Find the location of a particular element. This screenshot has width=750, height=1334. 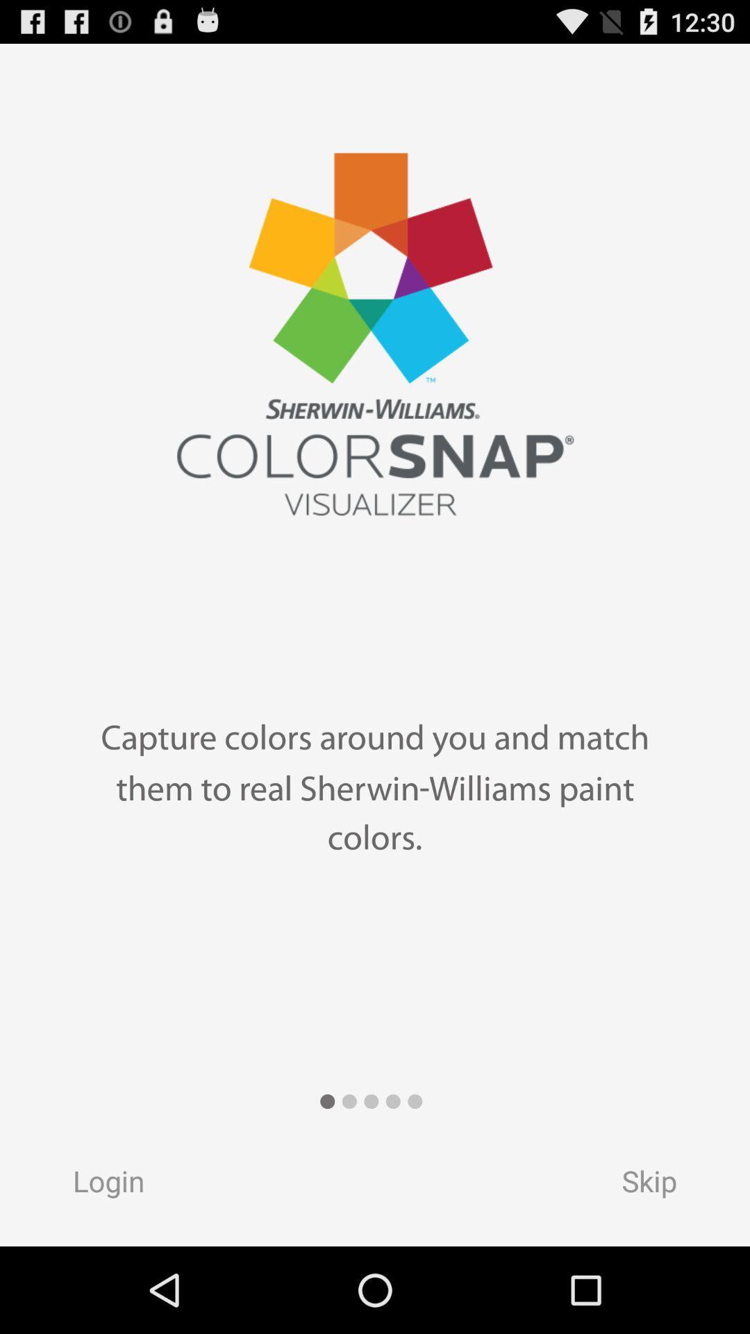

the button to the right of the login item is located at coordinates (662, 1185).